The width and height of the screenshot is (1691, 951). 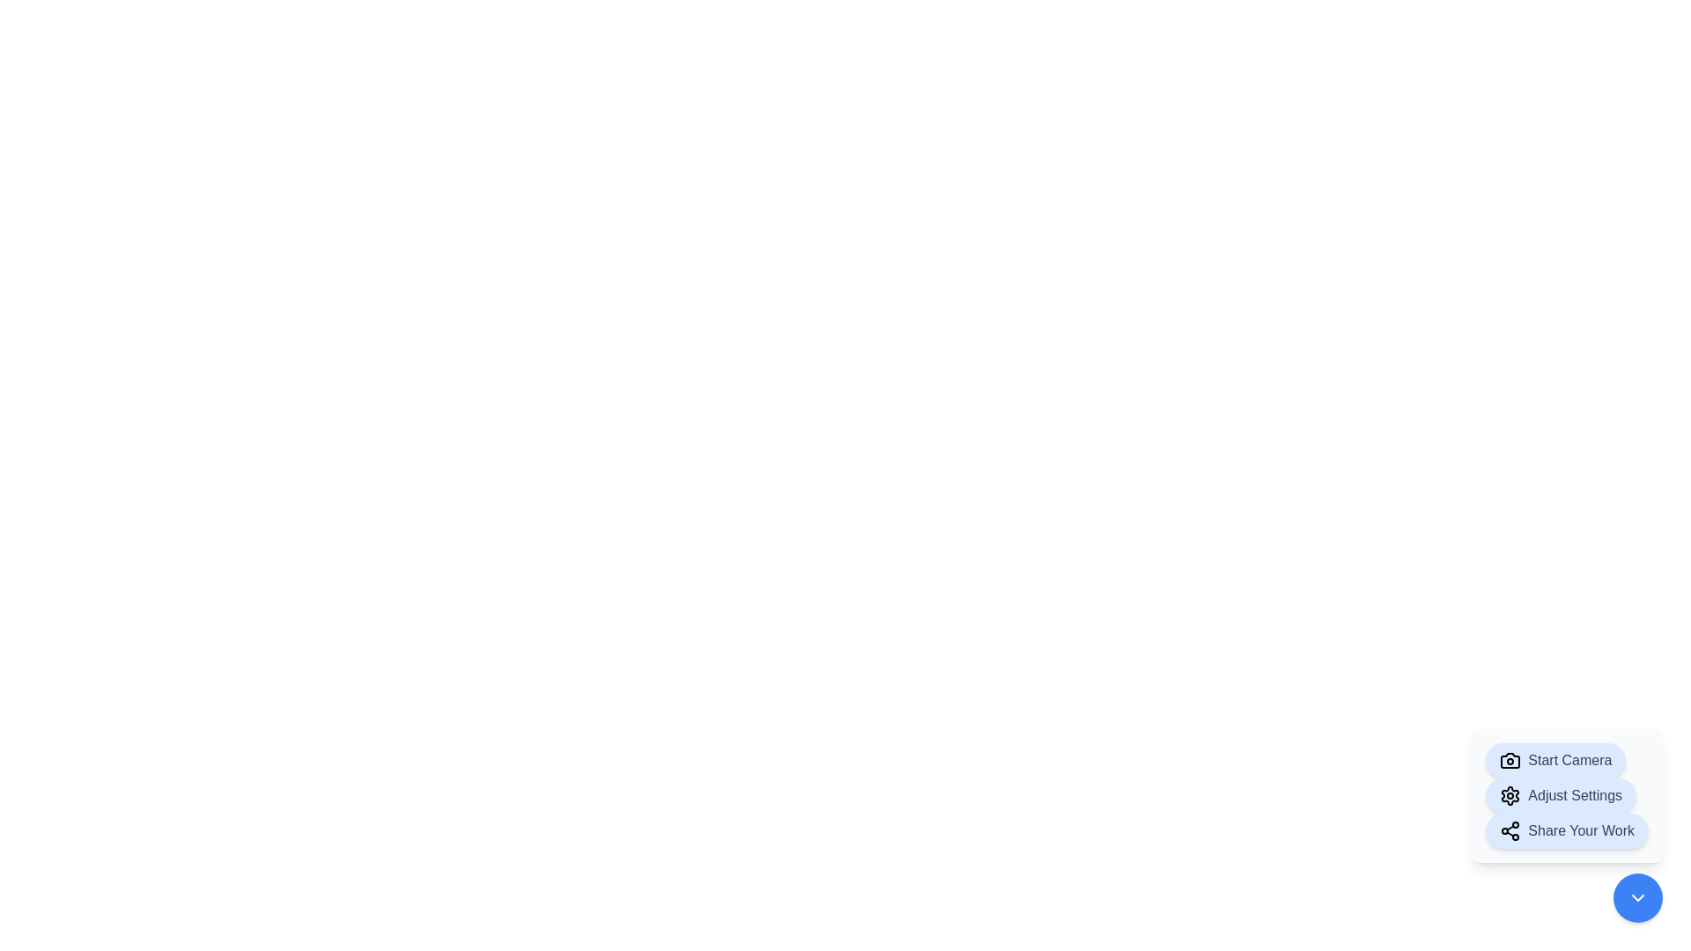 I want to click on the 'Start Camera' button with a blue background and camera icon, so click(x=1555, y=760).